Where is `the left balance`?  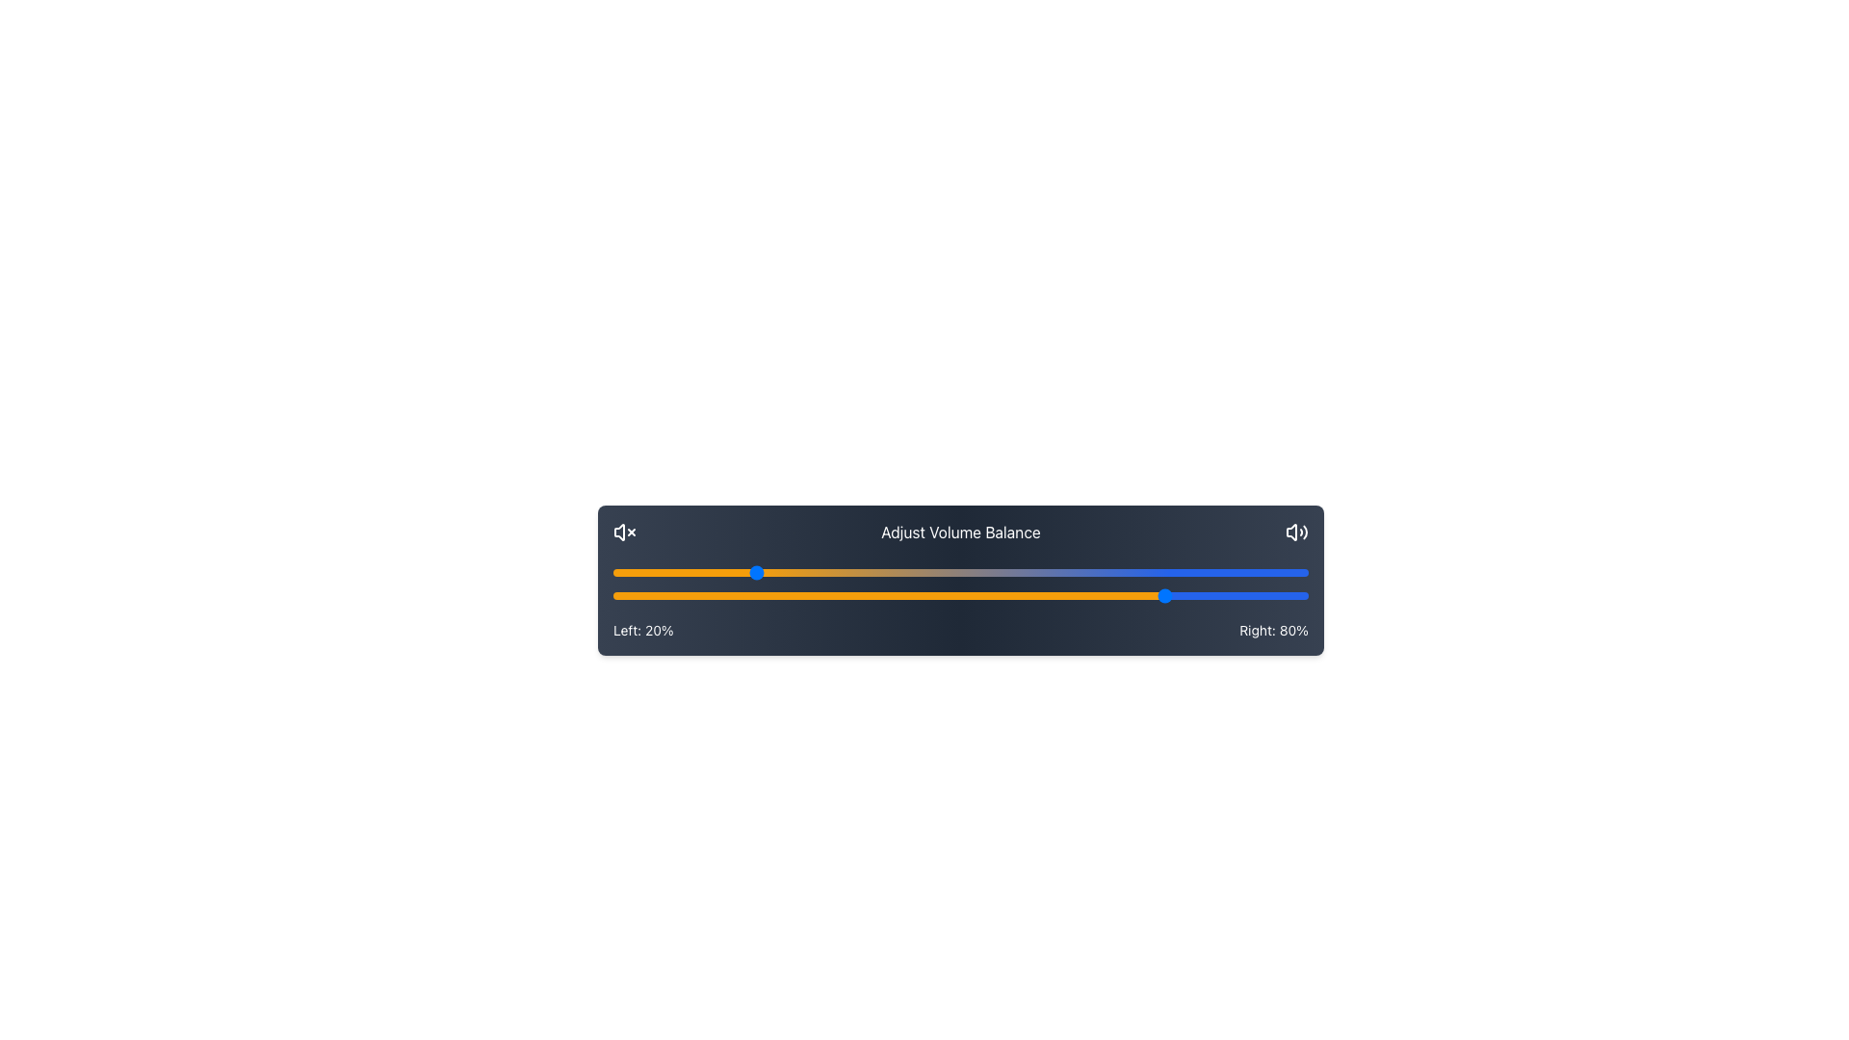 the left balance is located at coordinates (1260, 571).